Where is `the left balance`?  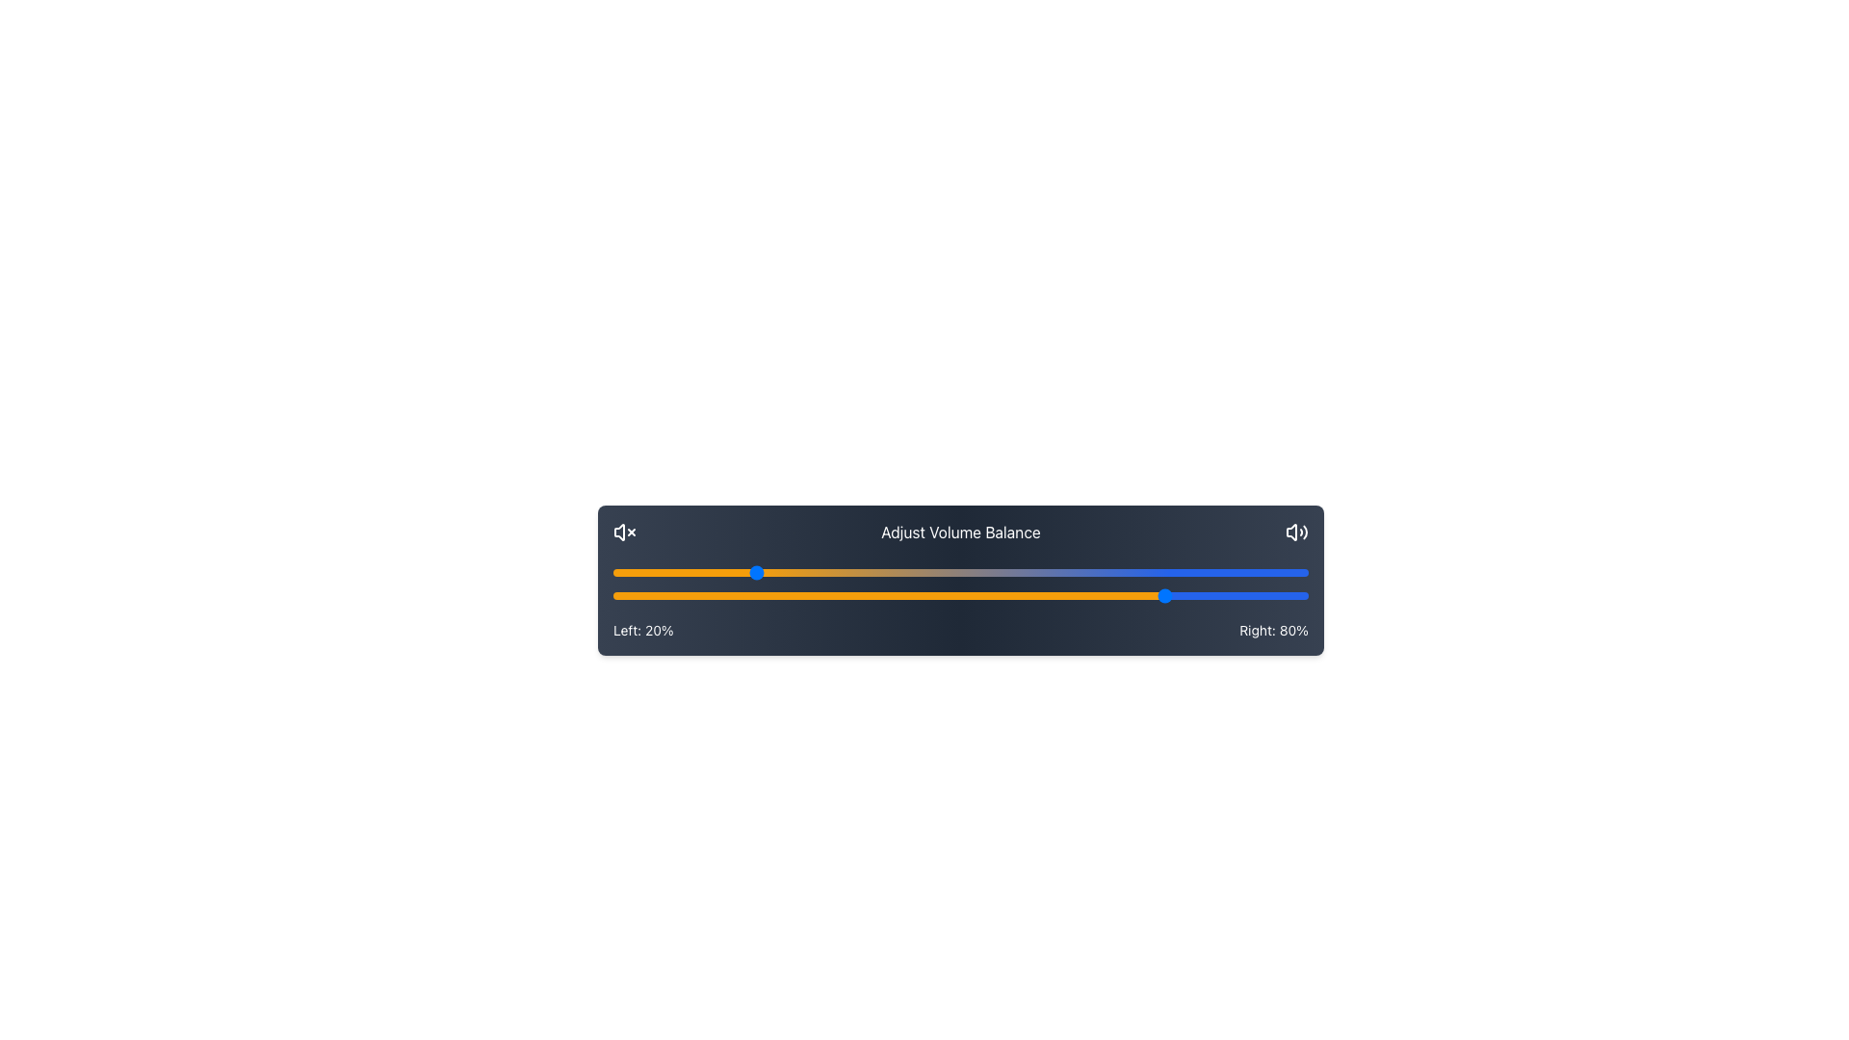 the left balance is located at coordinates (1260, 571).